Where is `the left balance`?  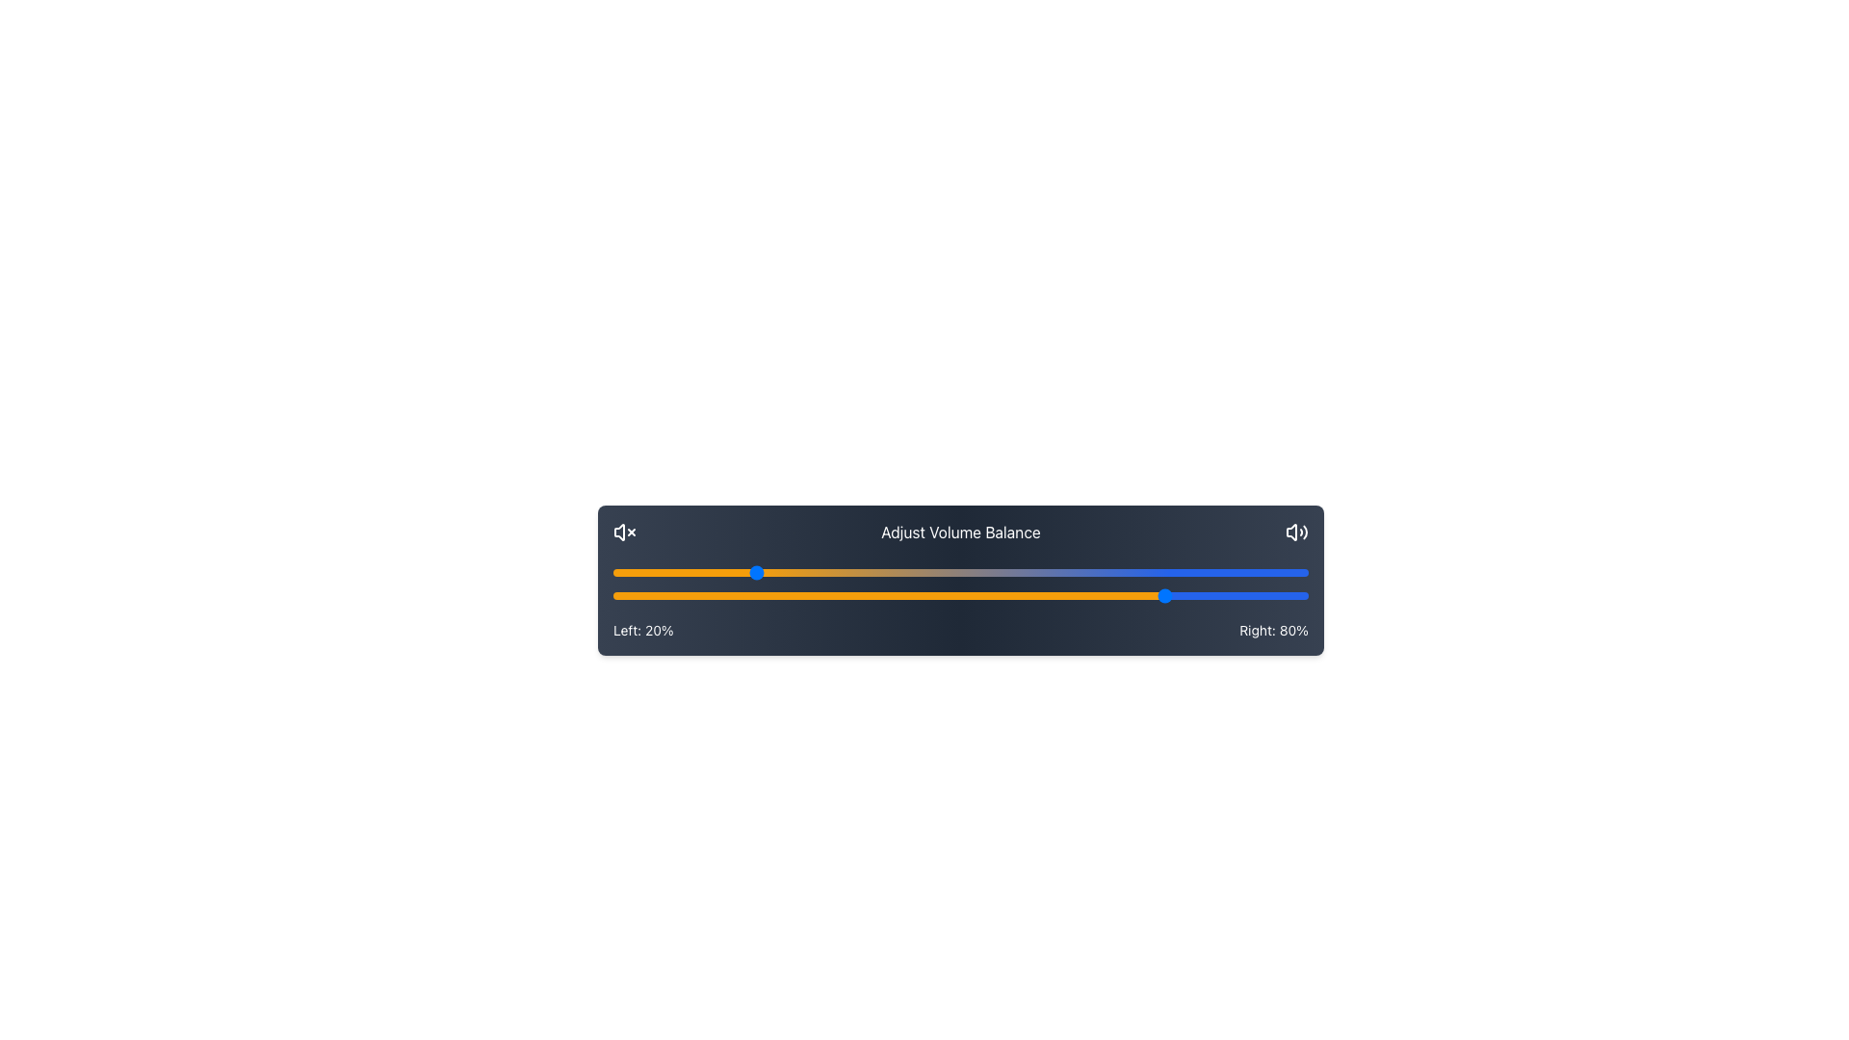 the left balance is located at coordinates (1260, 571).